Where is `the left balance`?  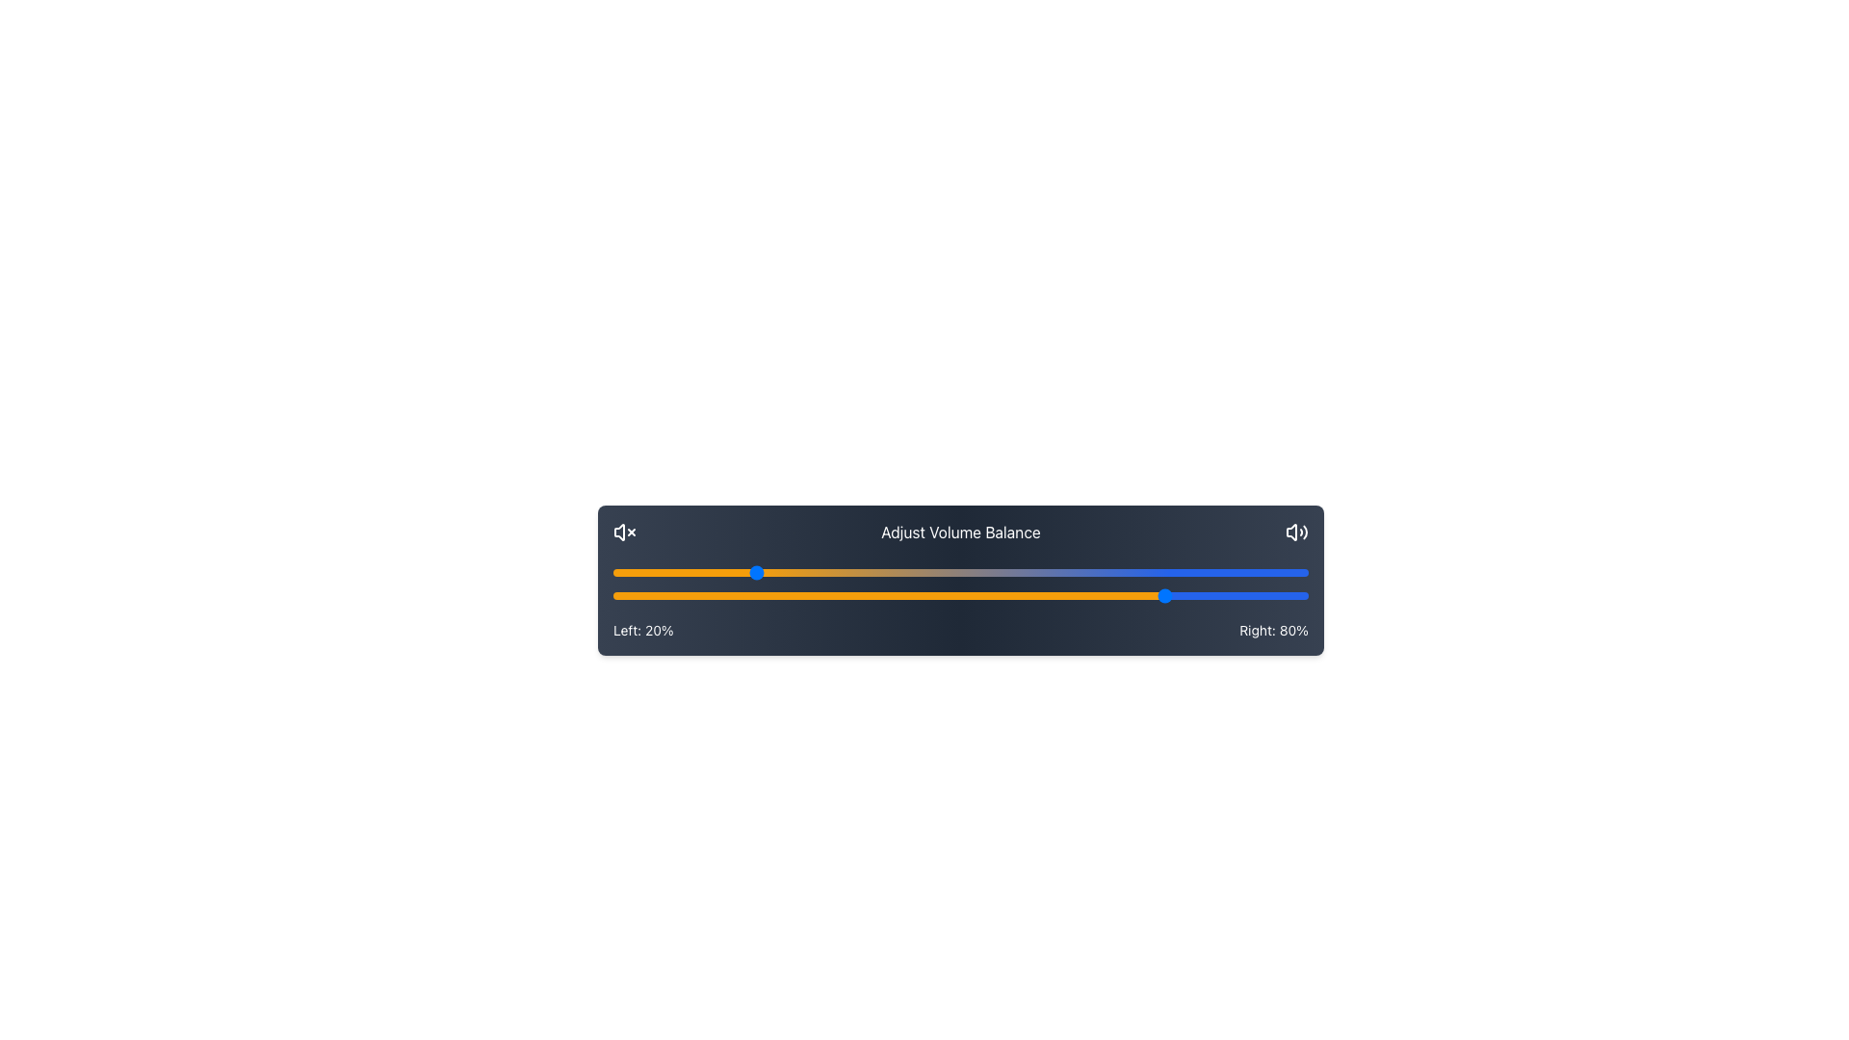 the left balance is located at coordinates (1260, 571).